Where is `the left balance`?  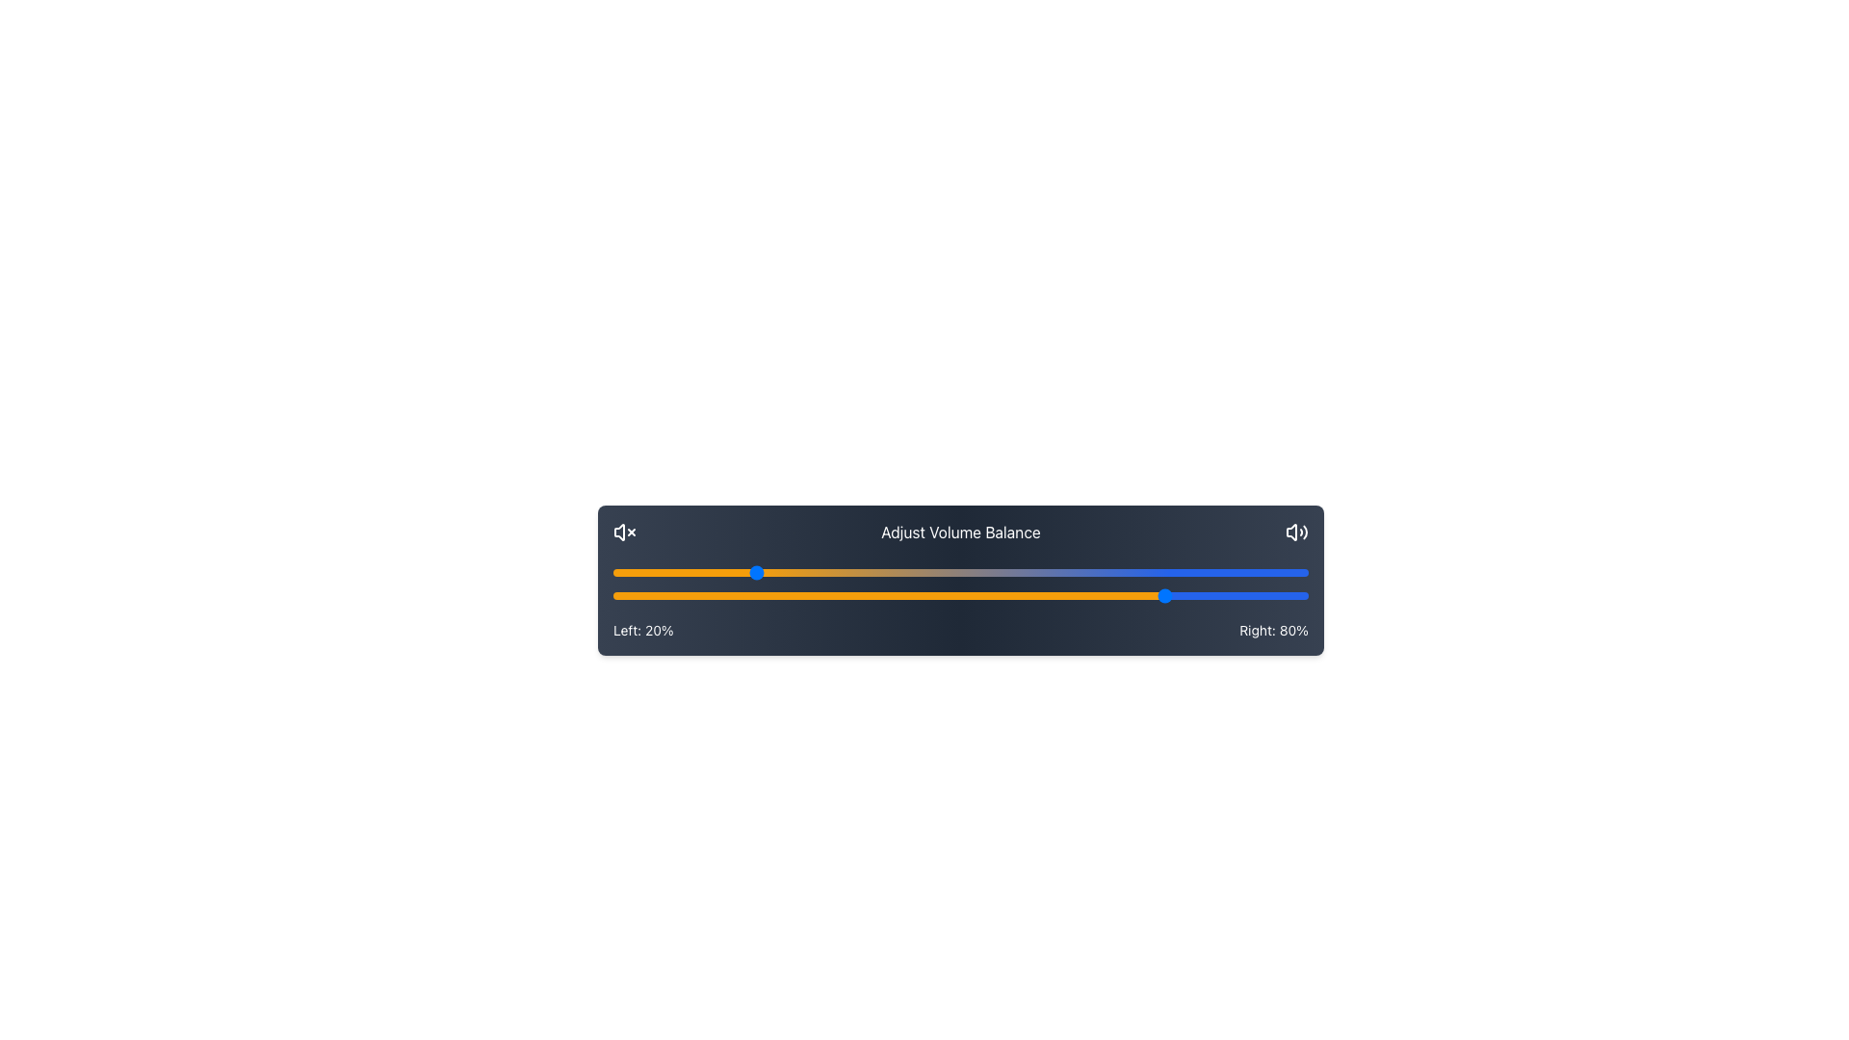 the left balance is located at coordinates (1260, 571).